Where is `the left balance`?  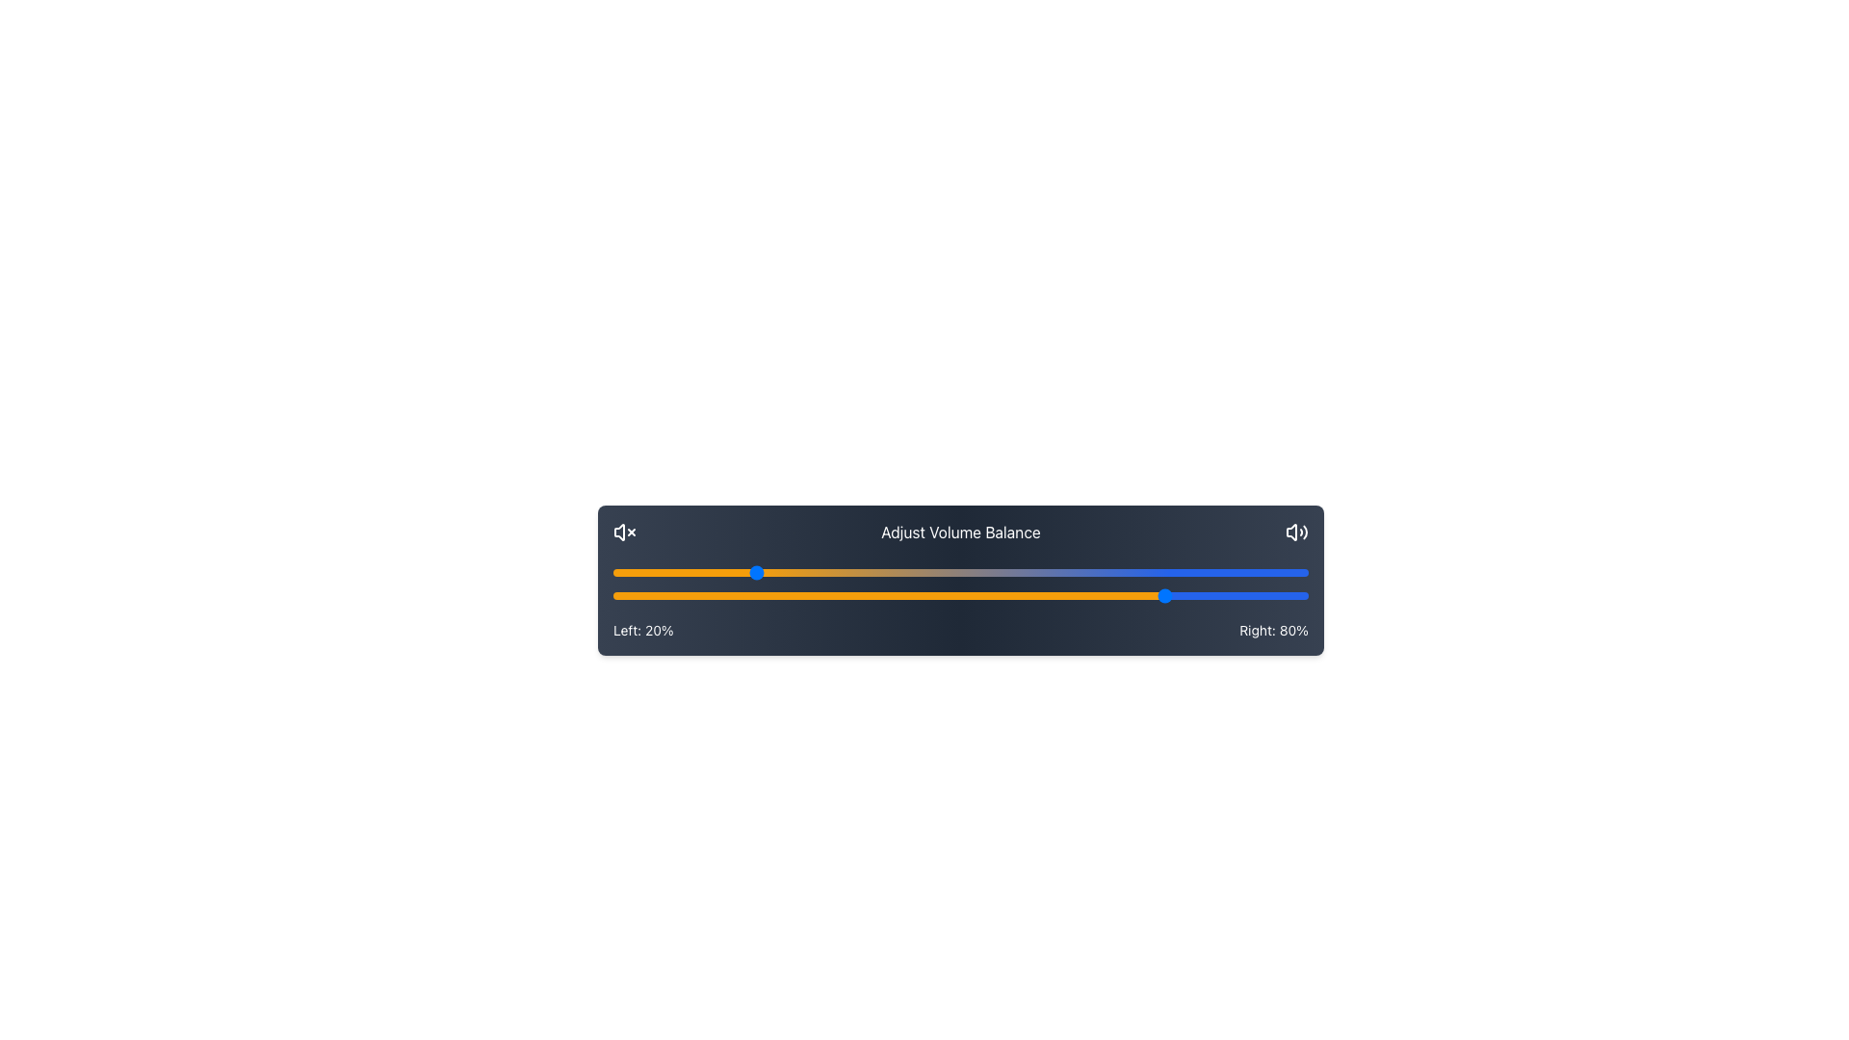 the left balance is located at coordinates (1260, 571).